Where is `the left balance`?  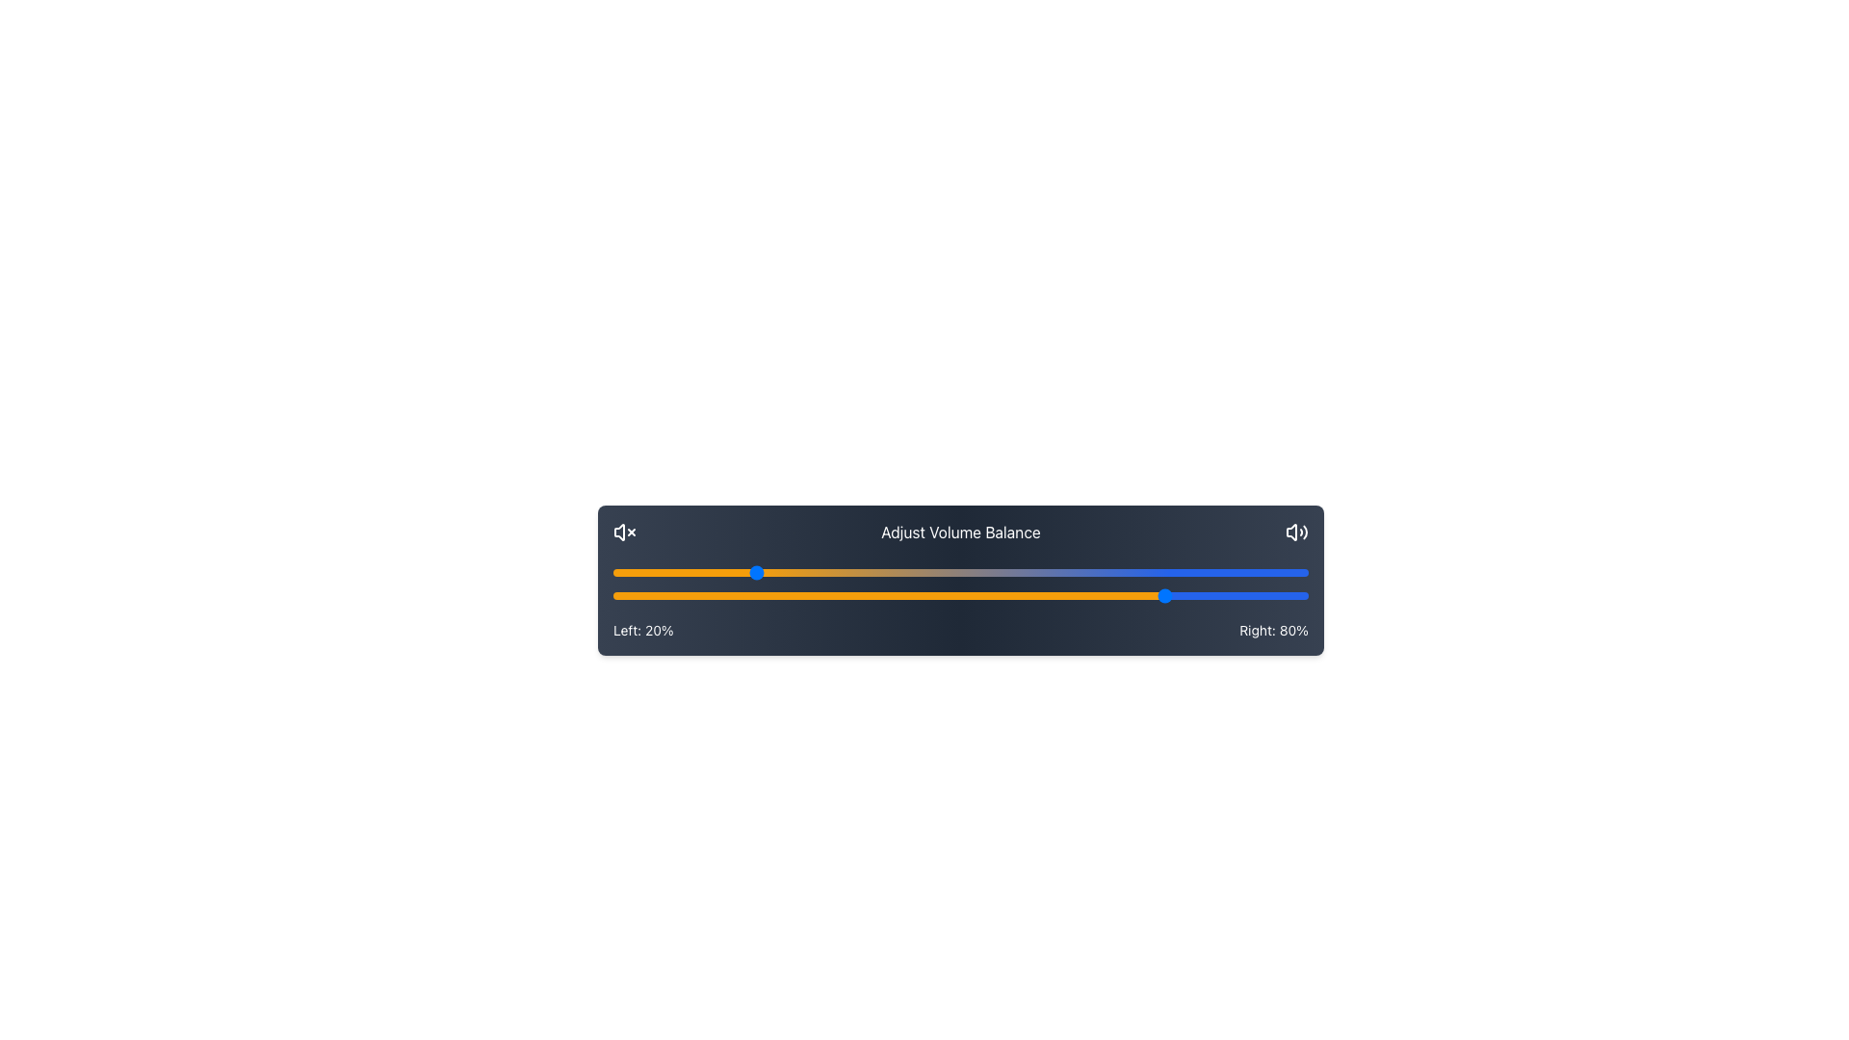 the left balance is located at coordinates (1260, 571).